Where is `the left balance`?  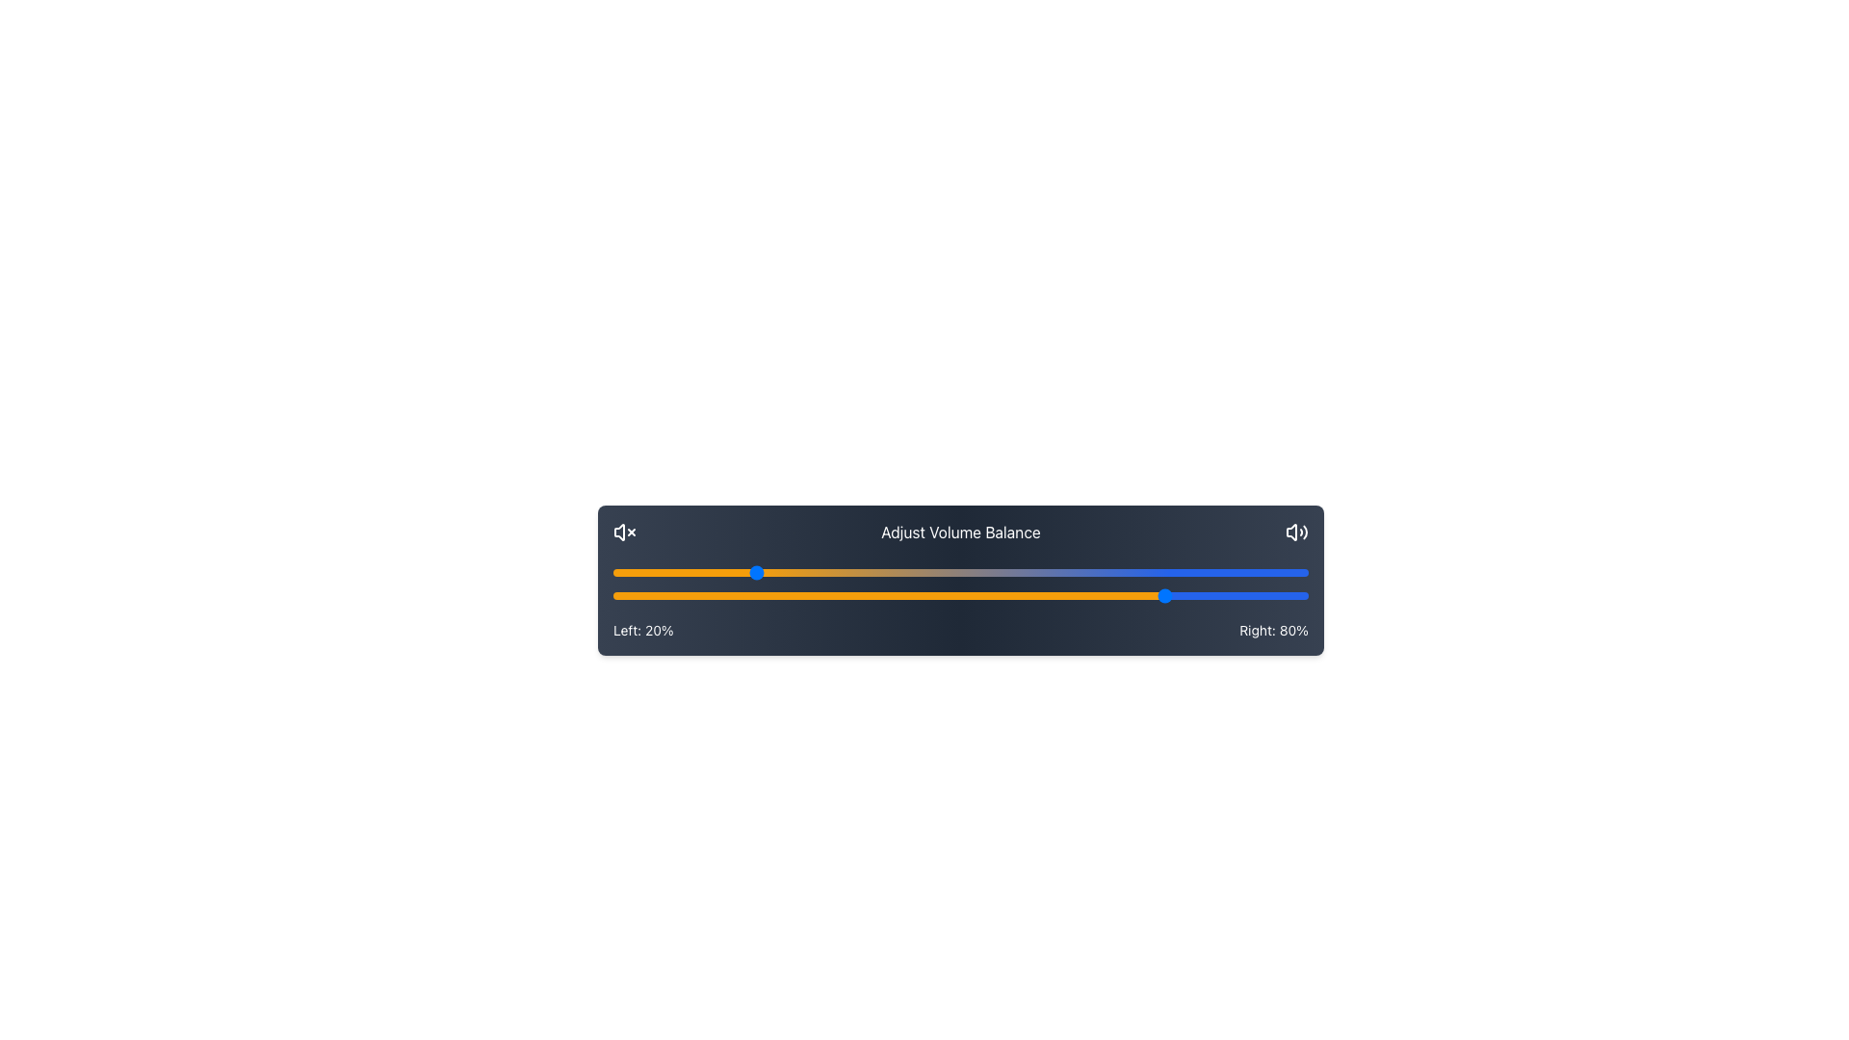 the left balance is located at coordinates (1260, 571).